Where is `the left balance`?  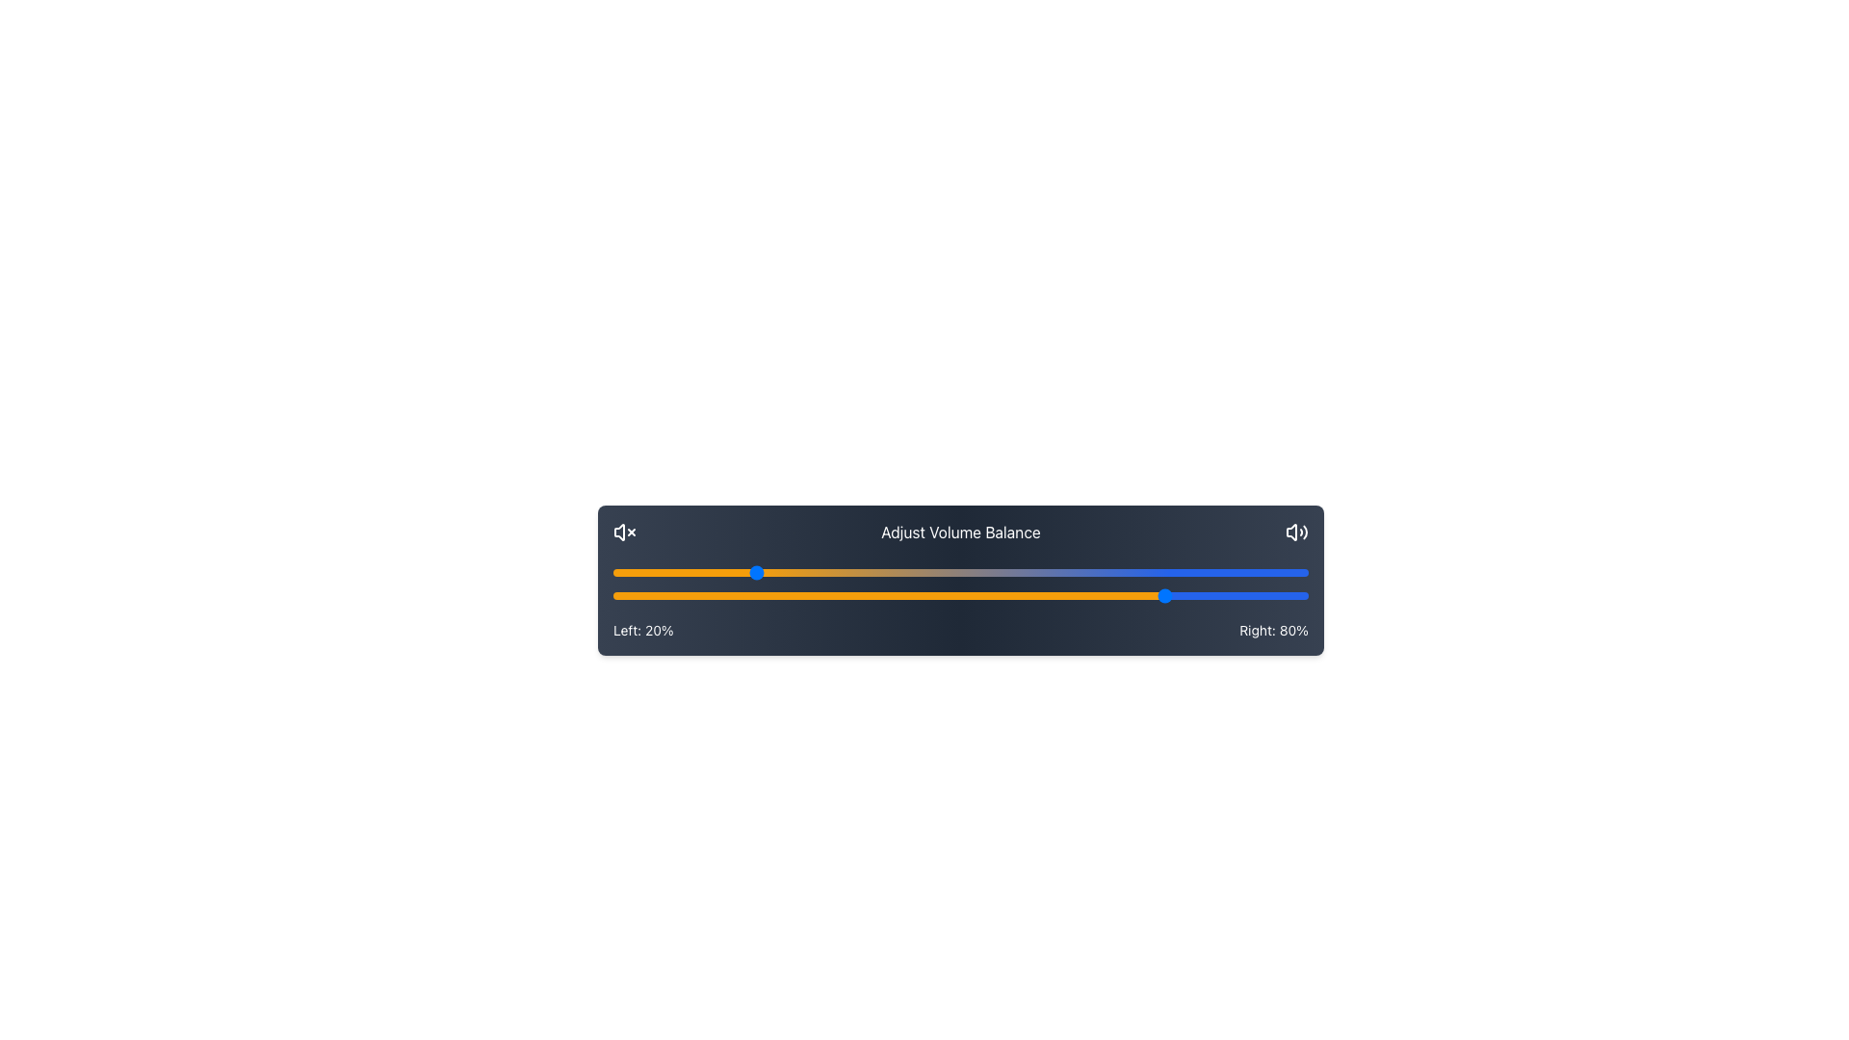 the left balance is located at coordinates (1260, 571).